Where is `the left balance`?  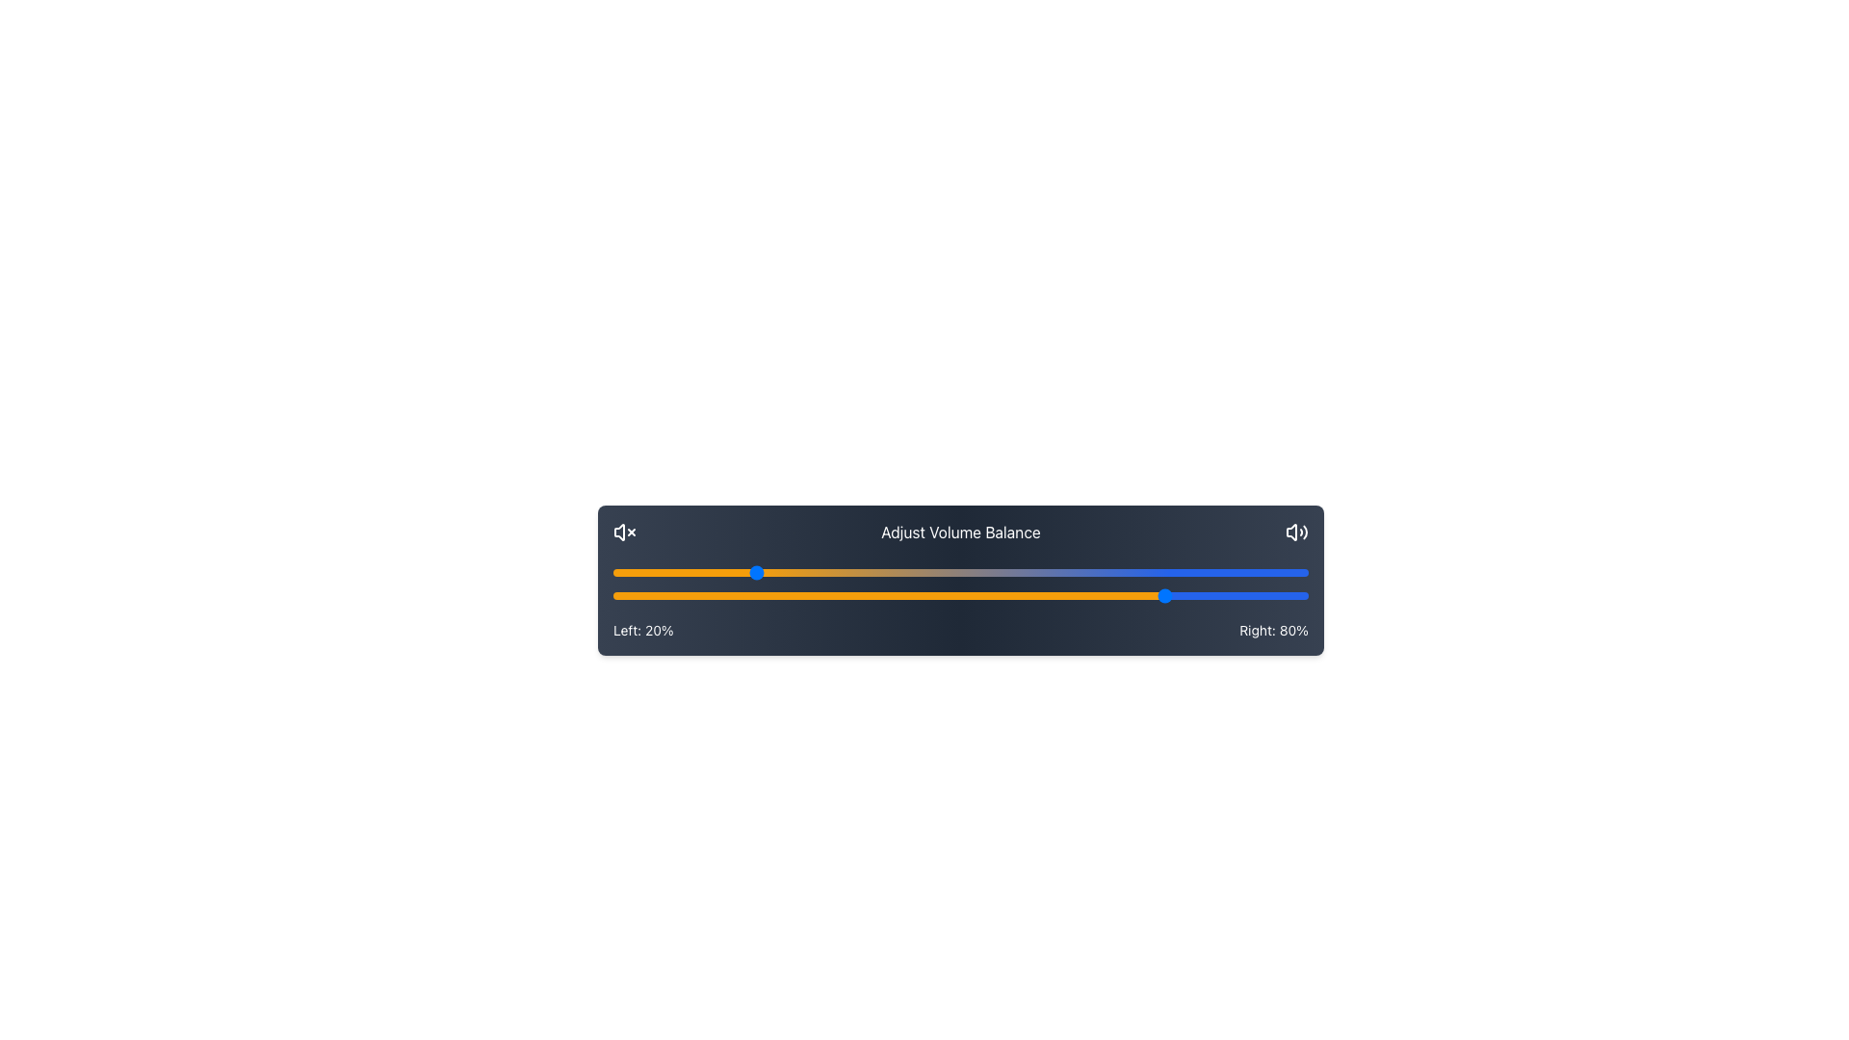 the left balance is located at coordinates (1260, 571).